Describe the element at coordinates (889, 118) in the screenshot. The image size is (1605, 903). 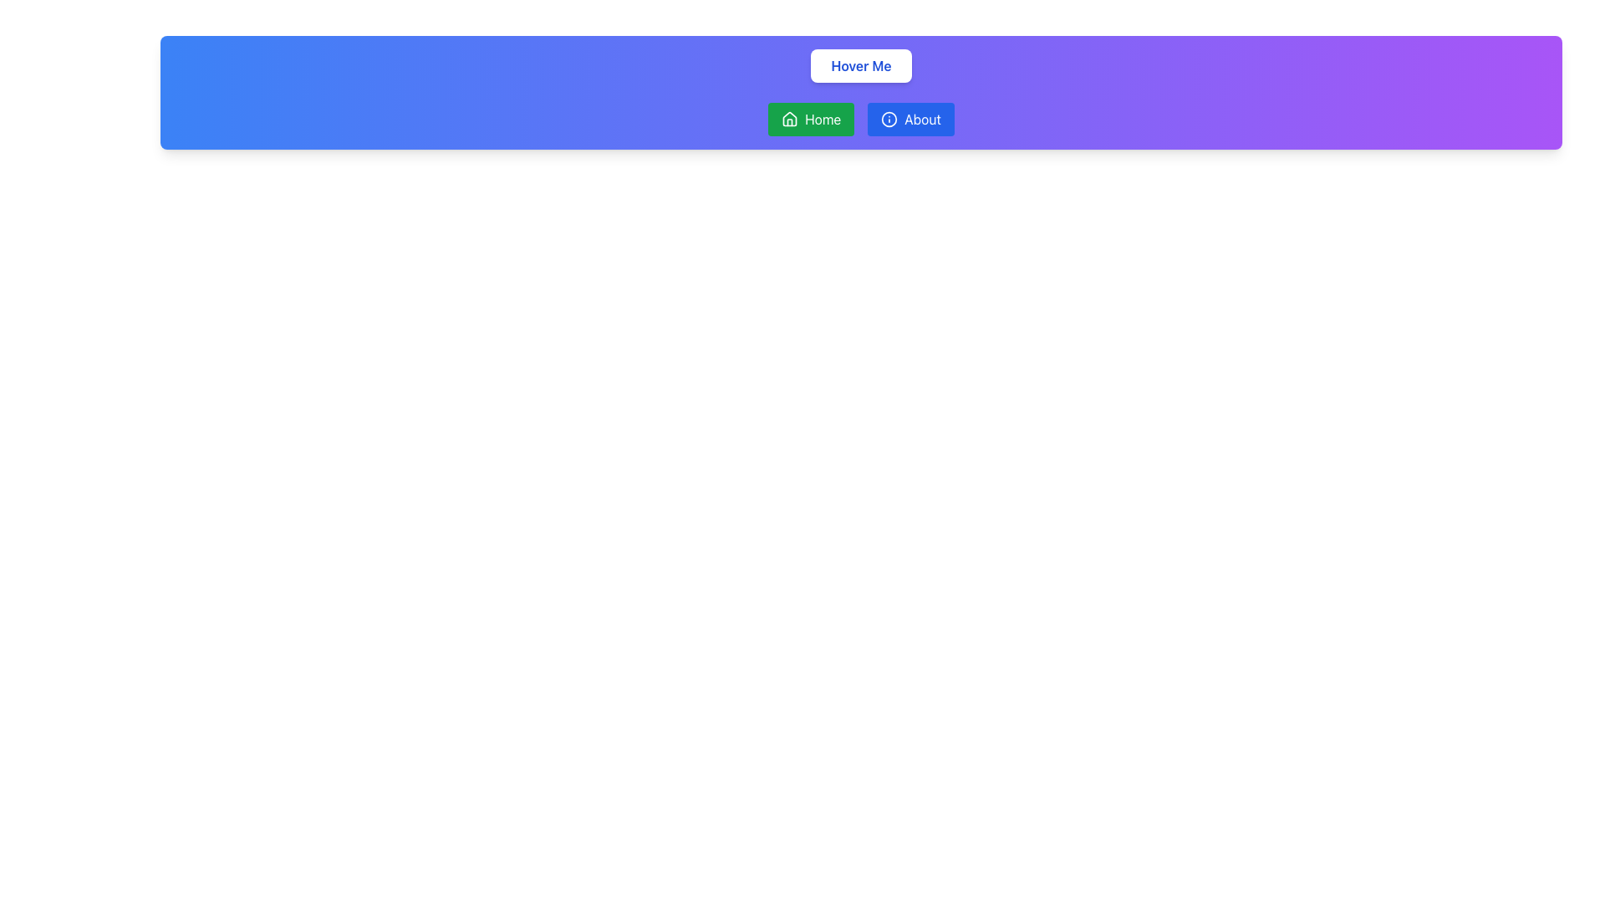
I see `the circular SVG icon with a plus symbol at the center, styled with a white stroke on a blue background, located in the 'About' button in the navigation bar` at that location.